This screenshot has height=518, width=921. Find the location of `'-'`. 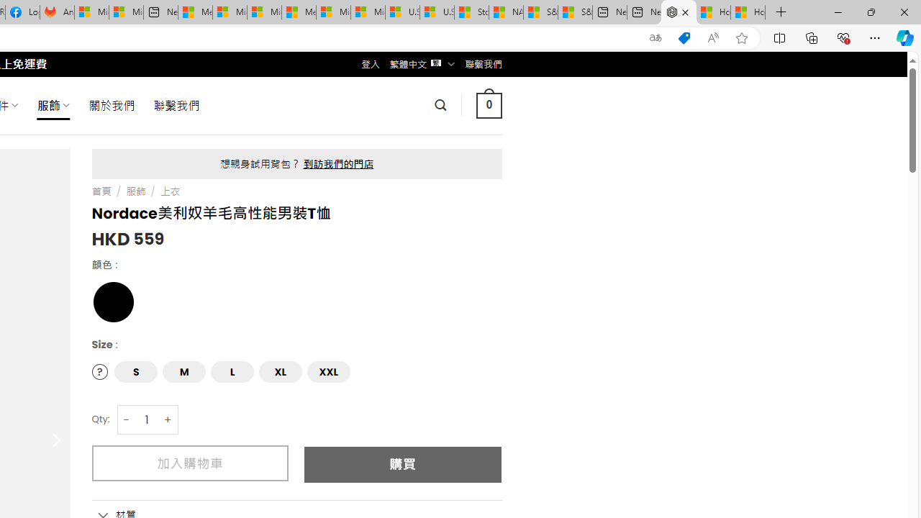

'-' is located at coordinates (127, 419).